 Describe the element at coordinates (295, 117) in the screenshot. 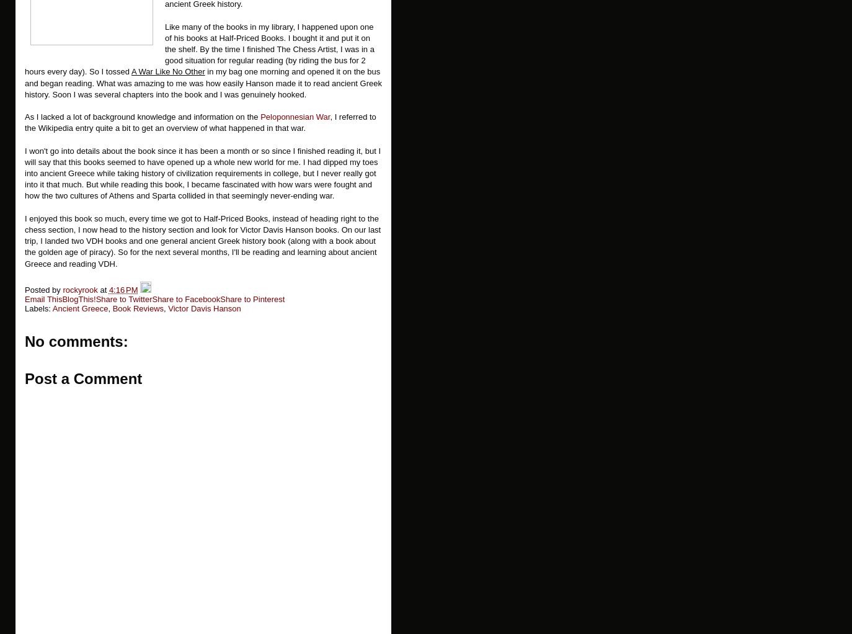

I see `'Peloponnesian War'` at that location.